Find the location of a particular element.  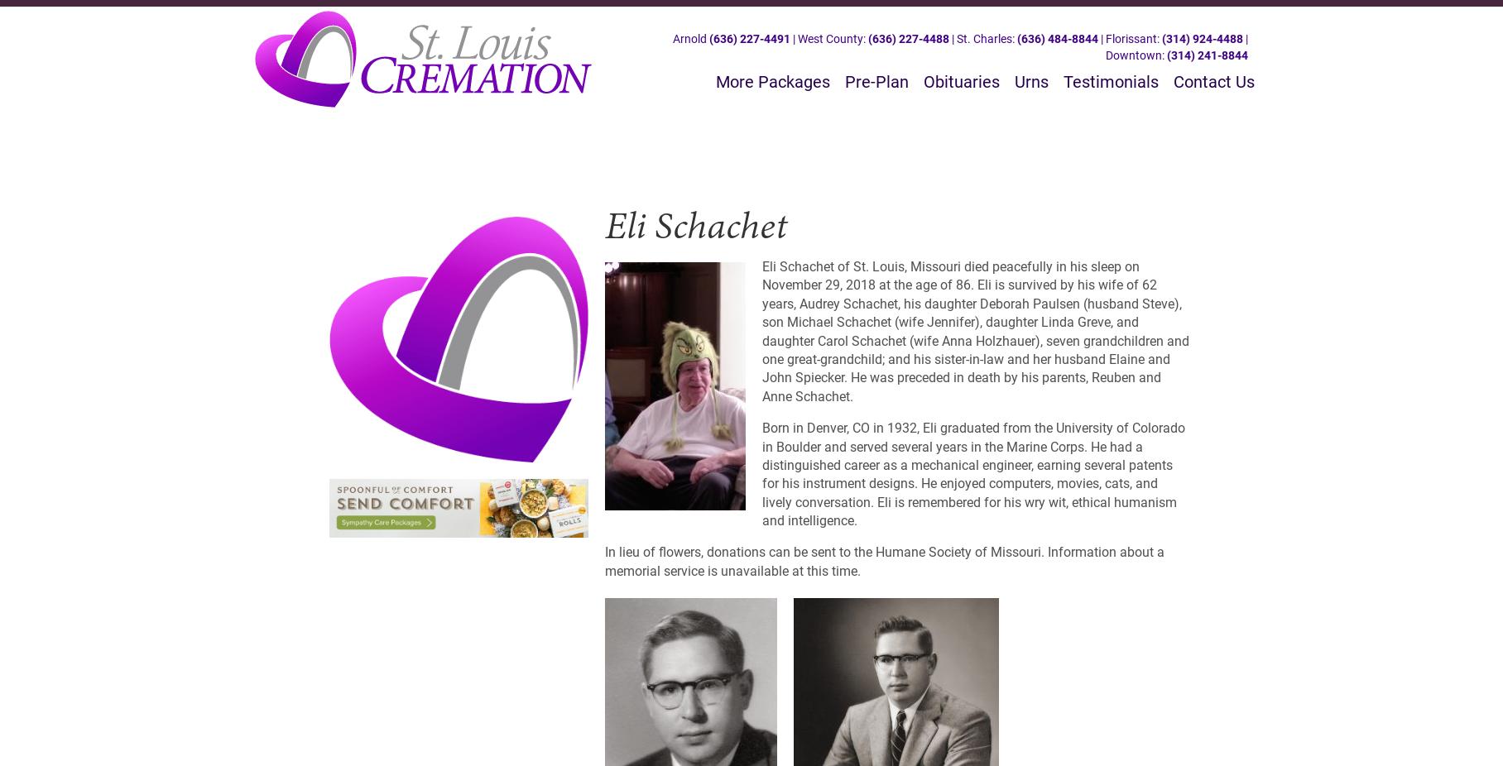

'Eli Schachet of St. Louis, Missouri died peacefully in his sleep on November 29, 2018 at the age of 86.' is located at coordinates (949, 275).